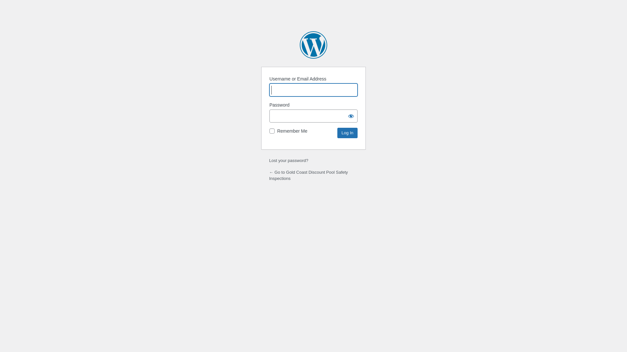 The image size is (627, 352). I want to click on 'Lost your password?', so click(288, 160).